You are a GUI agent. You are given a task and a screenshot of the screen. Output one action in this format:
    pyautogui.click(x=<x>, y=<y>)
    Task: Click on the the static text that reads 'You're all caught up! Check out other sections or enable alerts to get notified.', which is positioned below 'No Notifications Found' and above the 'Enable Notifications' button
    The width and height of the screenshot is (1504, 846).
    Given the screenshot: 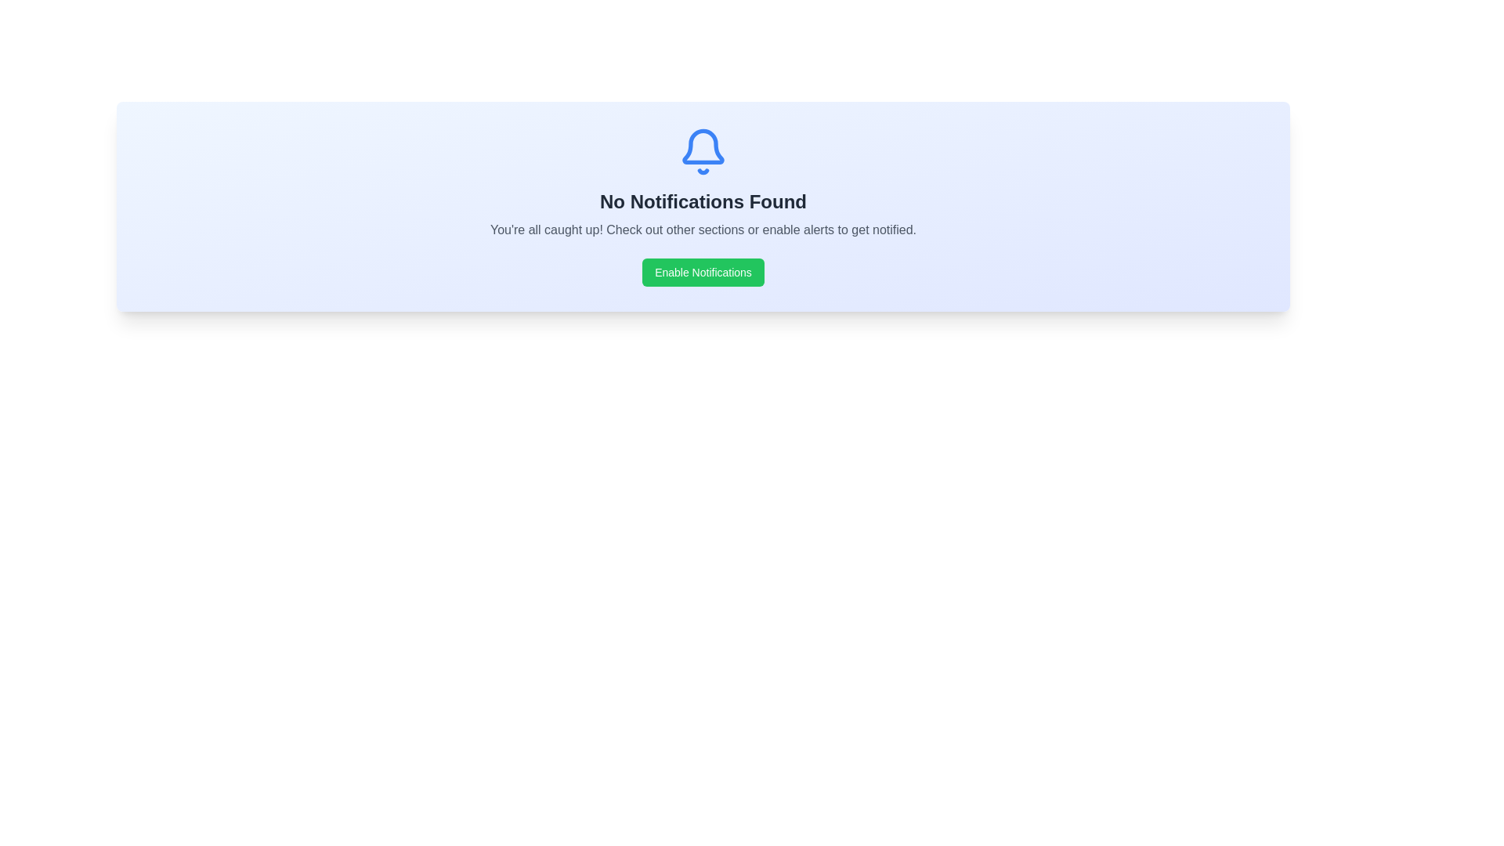 What is the action you would take?
    pyautogui.click(x=702, y=230)
    